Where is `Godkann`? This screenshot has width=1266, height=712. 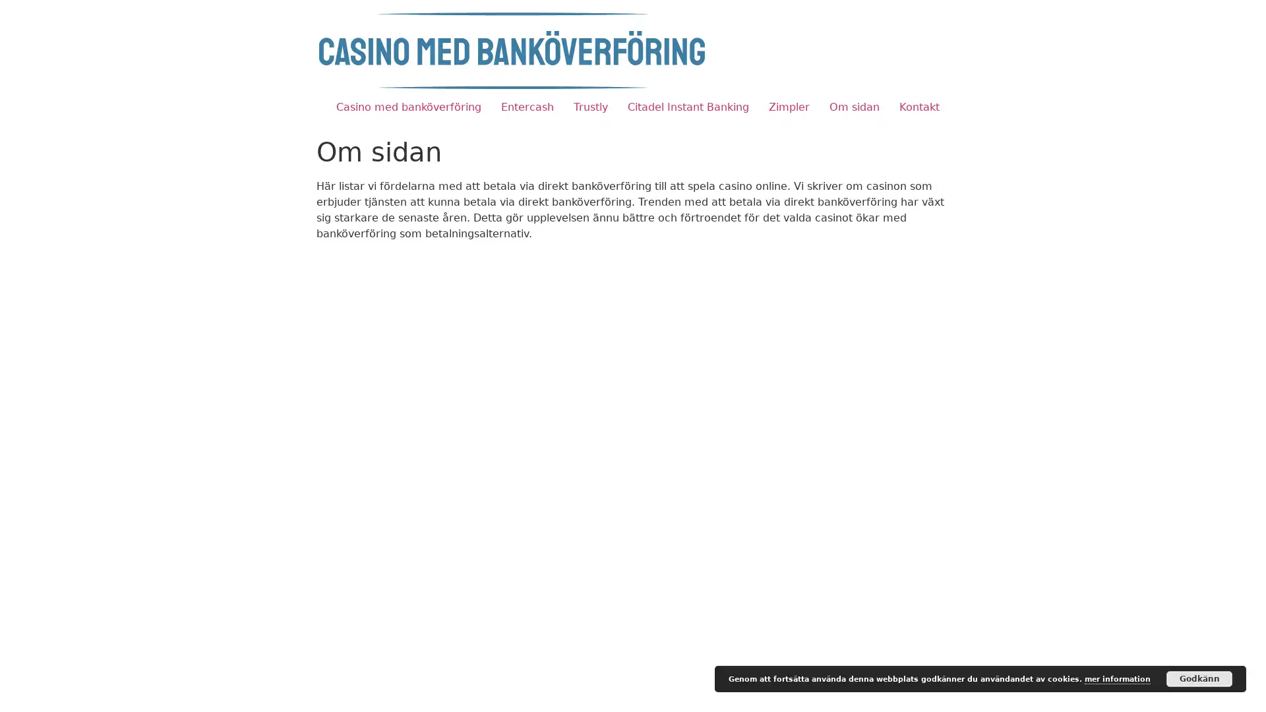
Godkann is located at coordinates (1199, 678).